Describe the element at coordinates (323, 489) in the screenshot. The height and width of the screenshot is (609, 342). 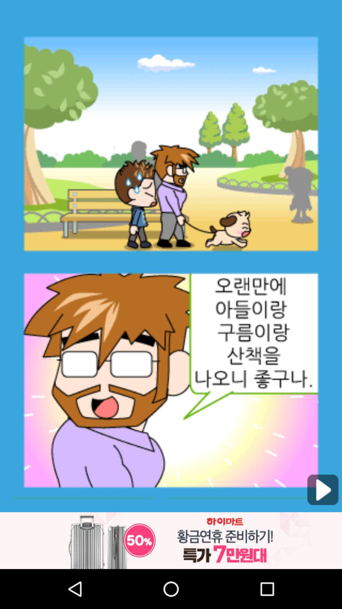
I see `click the play option` at that location.